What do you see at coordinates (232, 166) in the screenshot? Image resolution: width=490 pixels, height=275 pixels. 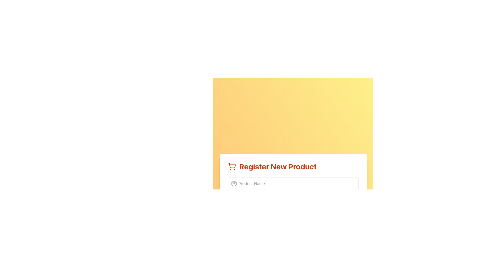 I see `the shopping cart icon, which is a part of an SVG element indicating 'Register New Product.'` at bounding box center [232, 166].